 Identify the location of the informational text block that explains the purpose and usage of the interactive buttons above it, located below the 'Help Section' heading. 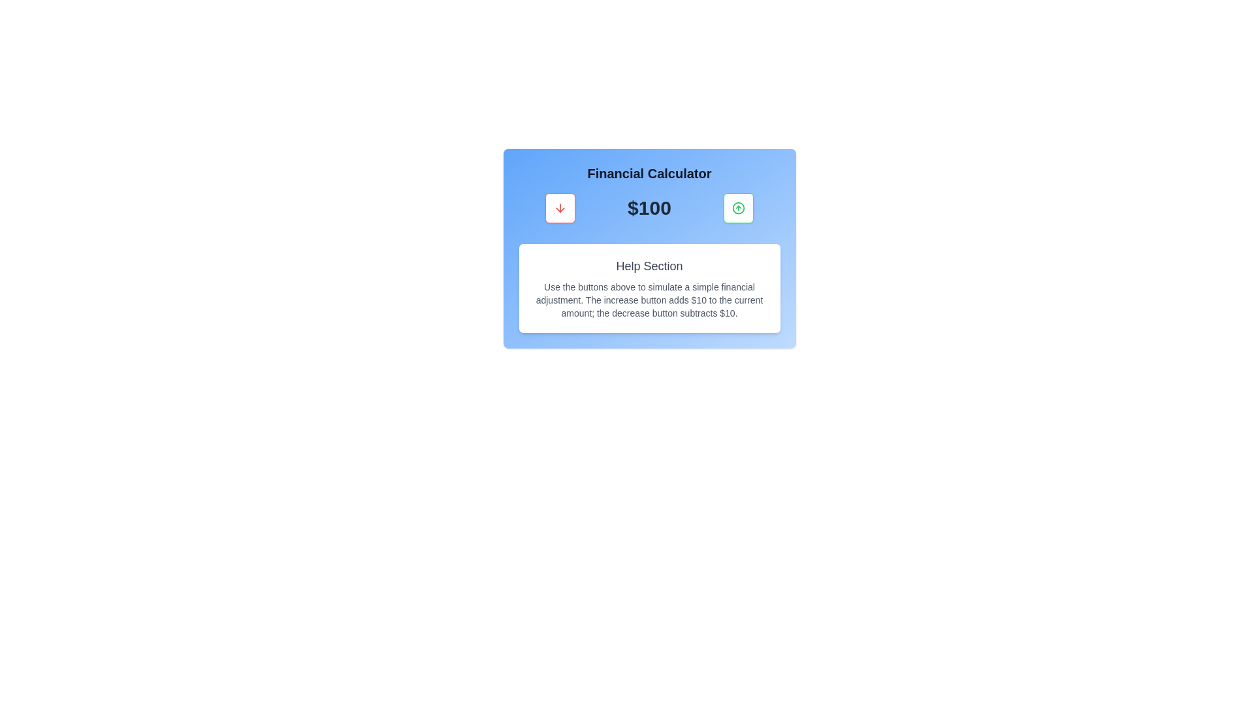
(649, 300).